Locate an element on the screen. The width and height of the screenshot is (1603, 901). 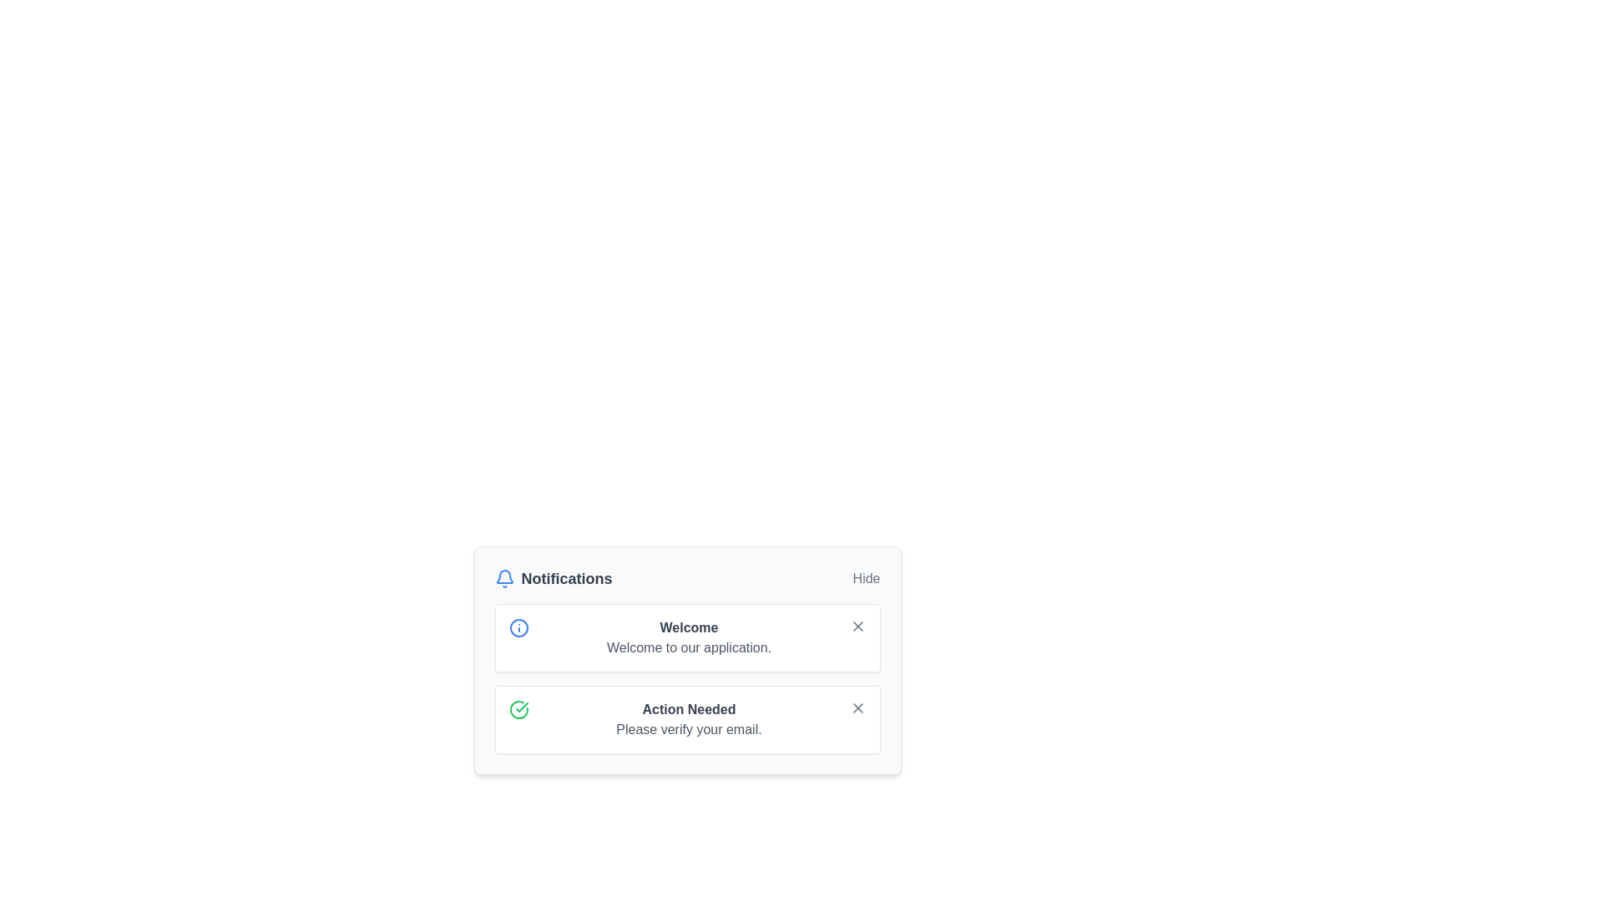
the notification bell icon located at the top-left of the notification panel is located at coordinates (503, 576).